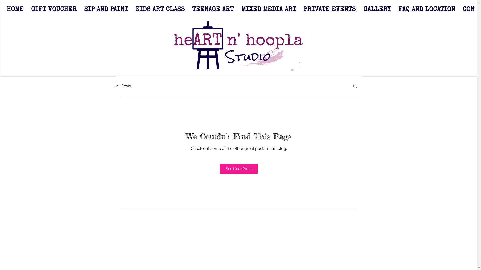  I want to click on 'GALLERY', so click(377, 12).